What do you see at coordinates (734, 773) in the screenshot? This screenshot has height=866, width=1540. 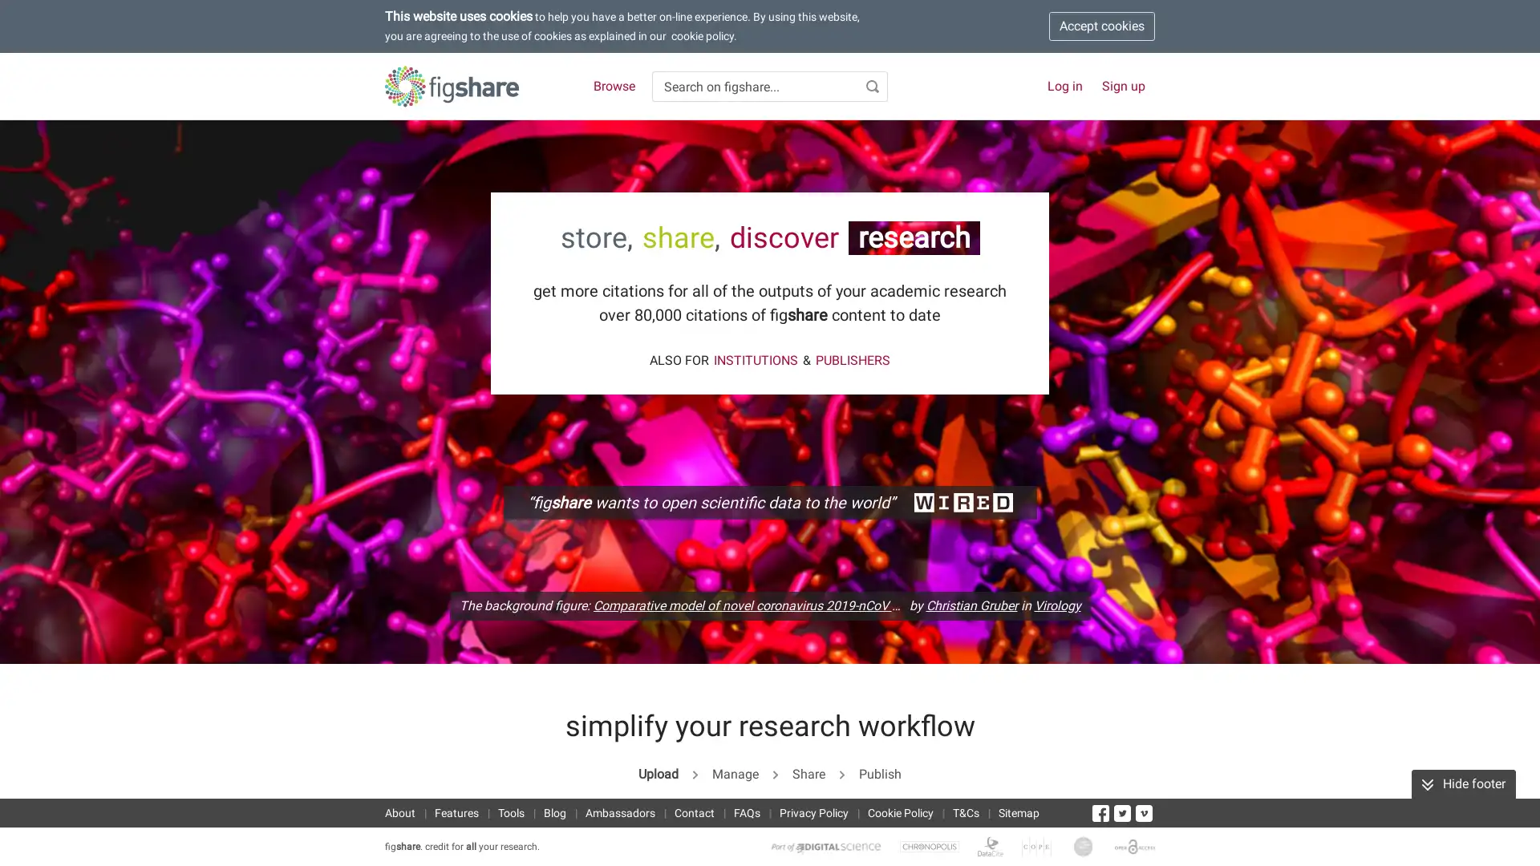 I see `Manage` at bounding box center [734, 773].